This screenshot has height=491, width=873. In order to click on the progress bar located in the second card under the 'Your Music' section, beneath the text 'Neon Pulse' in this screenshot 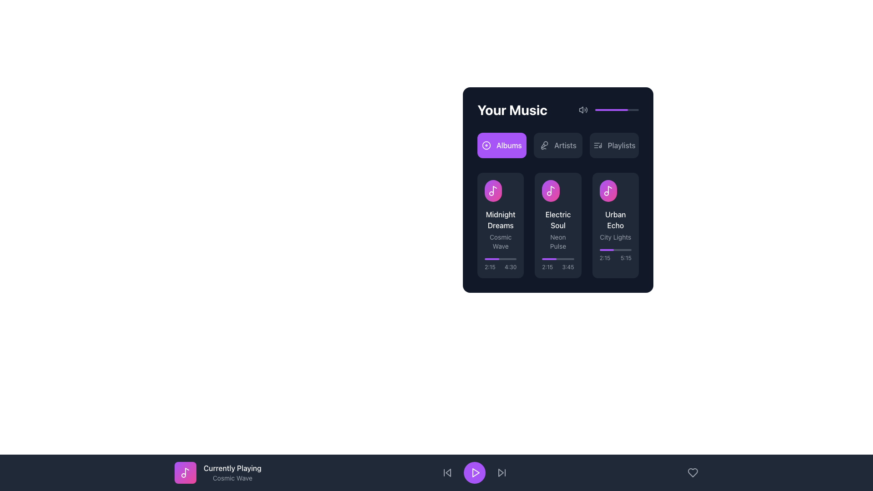, I will do `click(557, 265)`.